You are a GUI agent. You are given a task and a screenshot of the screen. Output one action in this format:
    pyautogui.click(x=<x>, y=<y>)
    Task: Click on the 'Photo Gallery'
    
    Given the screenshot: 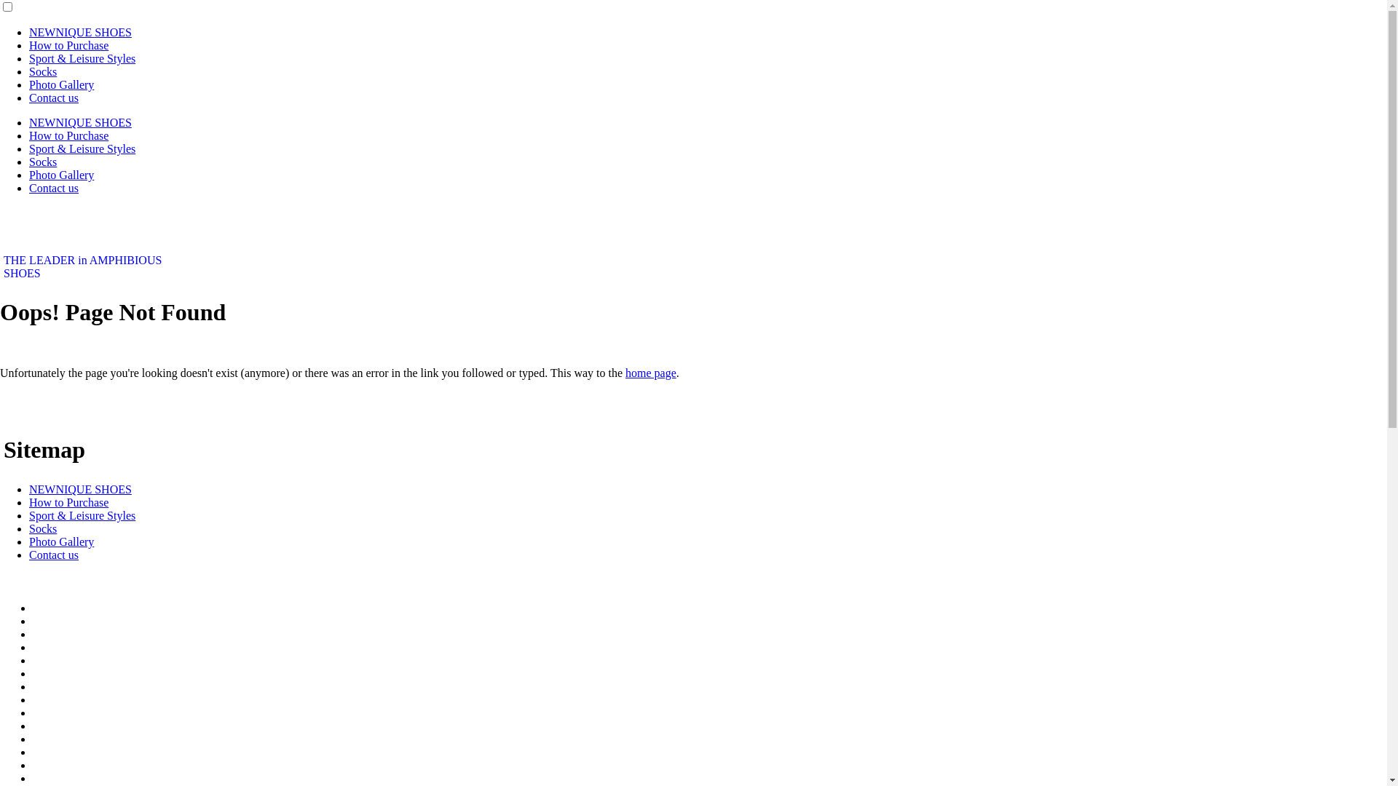 What is the action you would take?
    pyautogui.click(x=60, y=541)
    